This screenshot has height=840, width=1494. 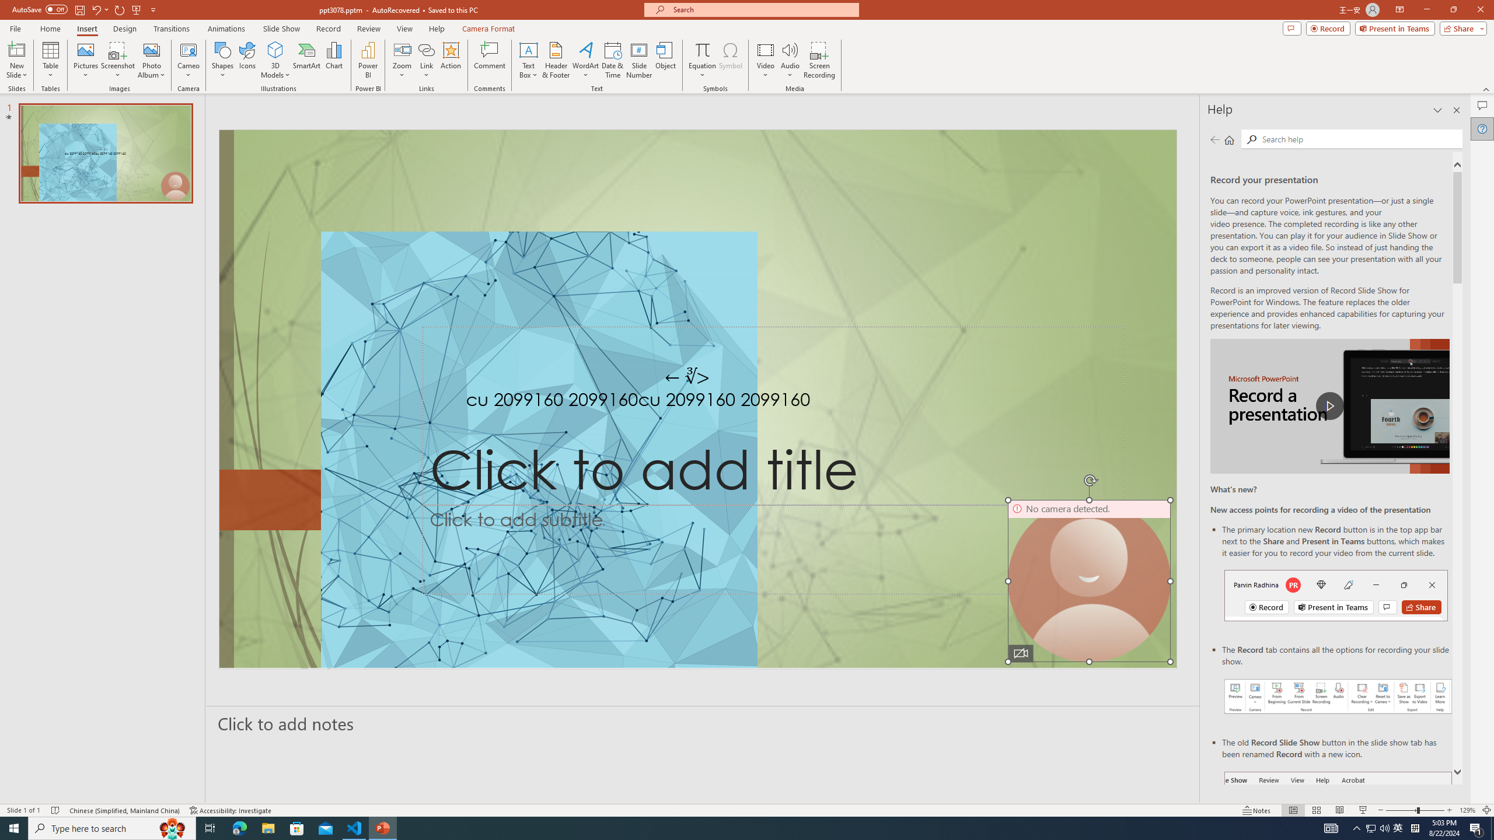 I want to click on 'Comment', so click(x=488, y=60).